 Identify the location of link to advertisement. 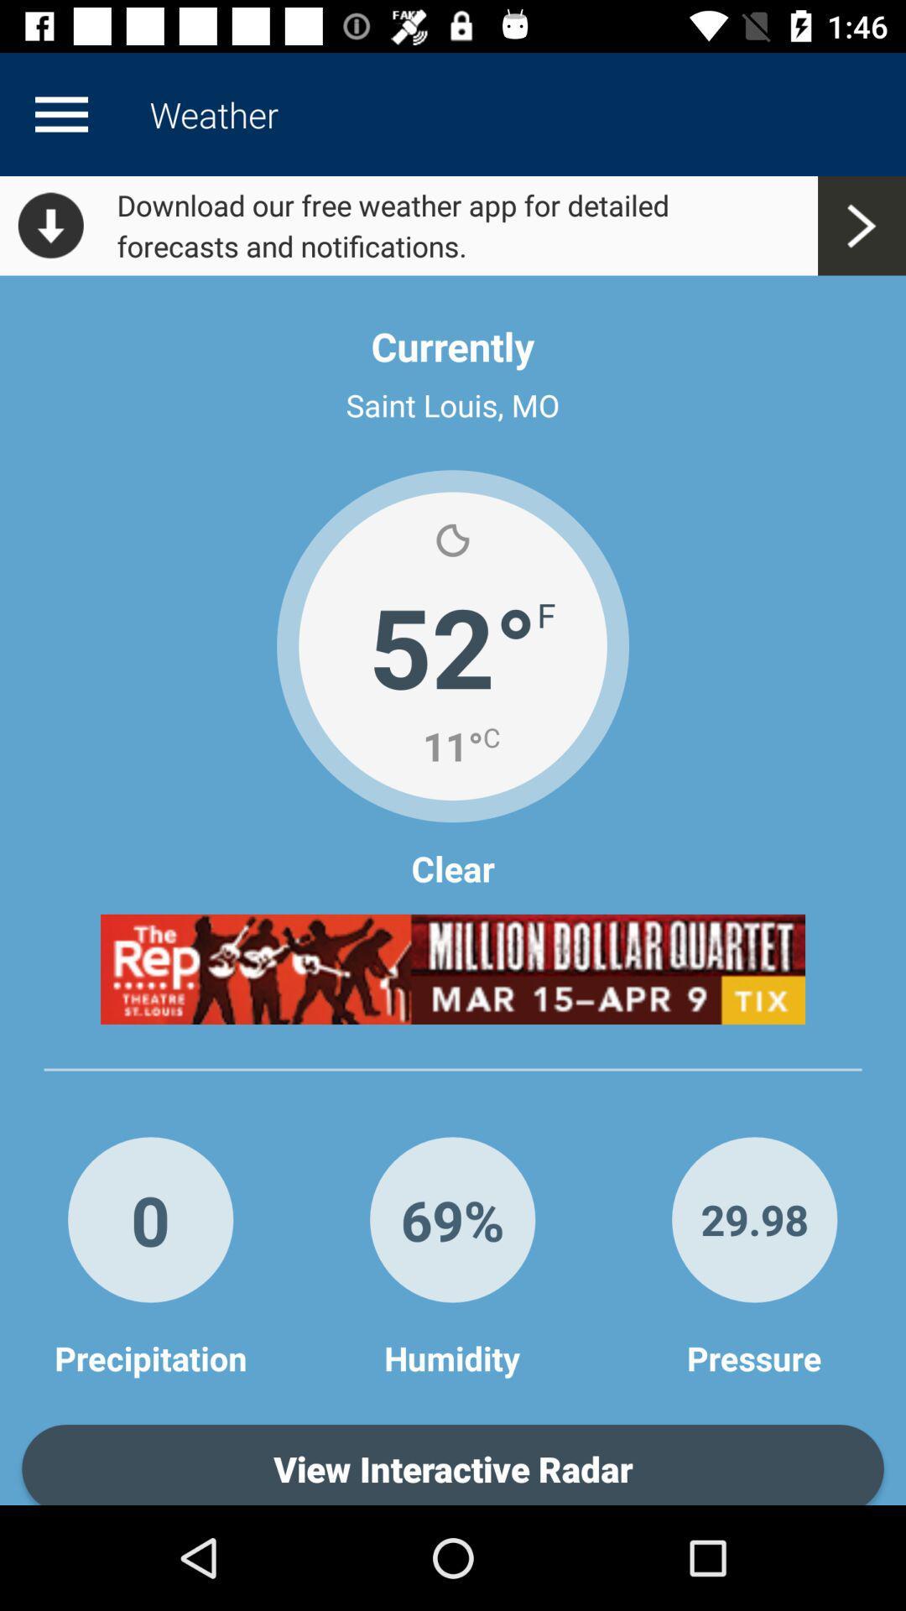
(453, 969).